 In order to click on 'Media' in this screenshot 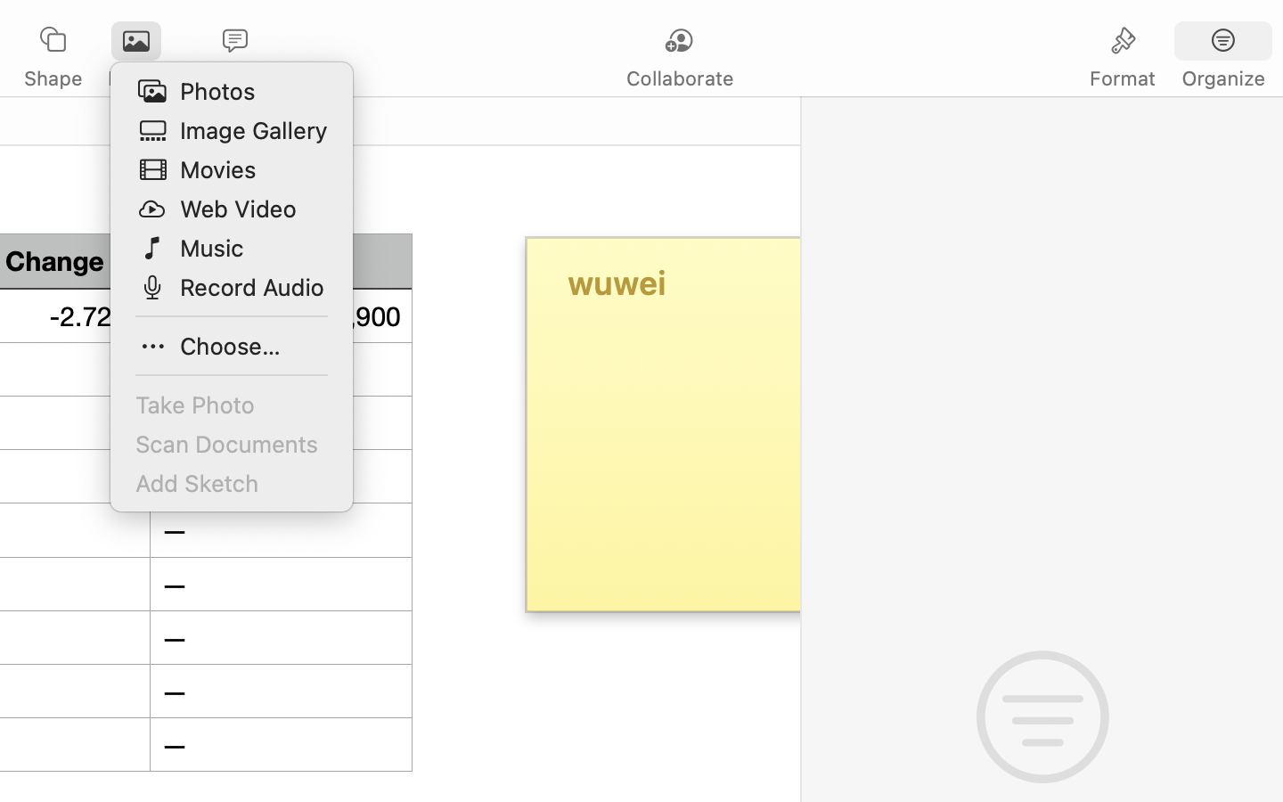, I will do `click(135, 78)`.